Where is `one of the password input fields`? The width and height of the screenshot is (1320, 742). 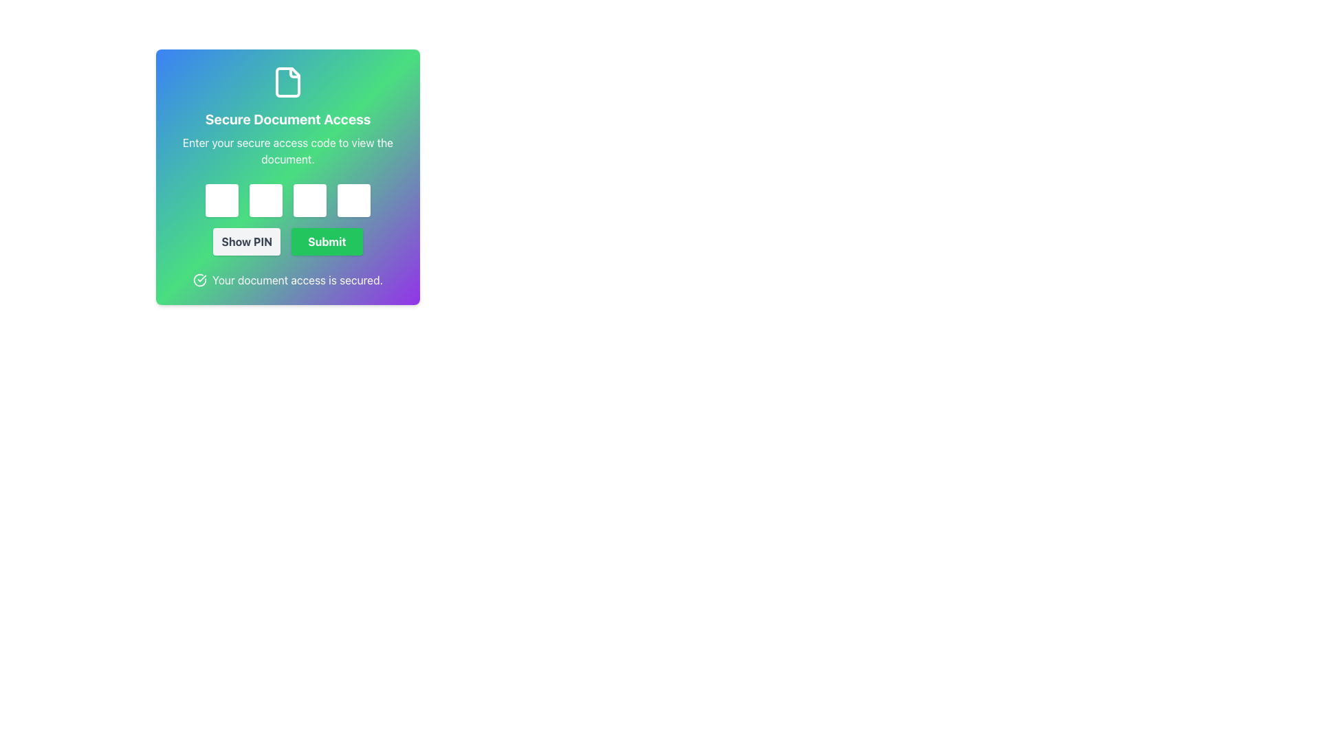
one of the password input fields is located at coordinates (287, 201).